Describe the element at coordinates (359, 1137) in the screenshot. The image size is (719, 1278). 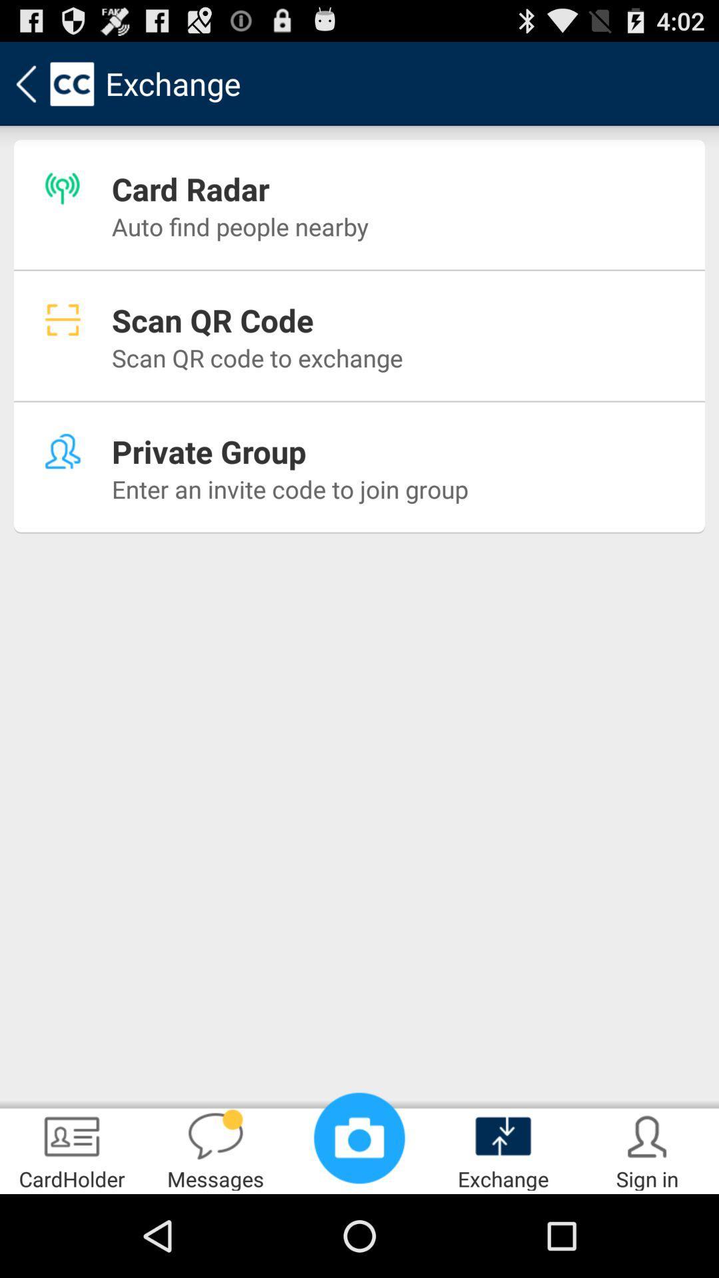
I see `icon to the left of exchange item` at that location.